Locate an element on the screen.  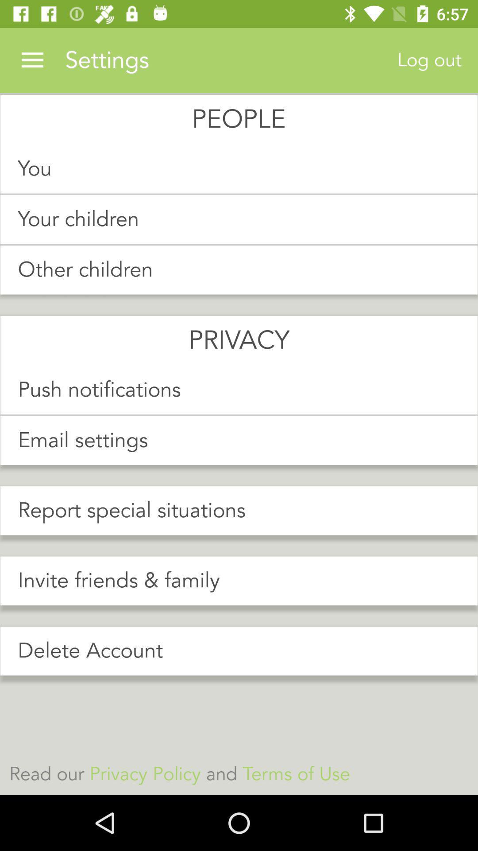
the icon to the left of the settings icon is located at coordinates (32, 60).